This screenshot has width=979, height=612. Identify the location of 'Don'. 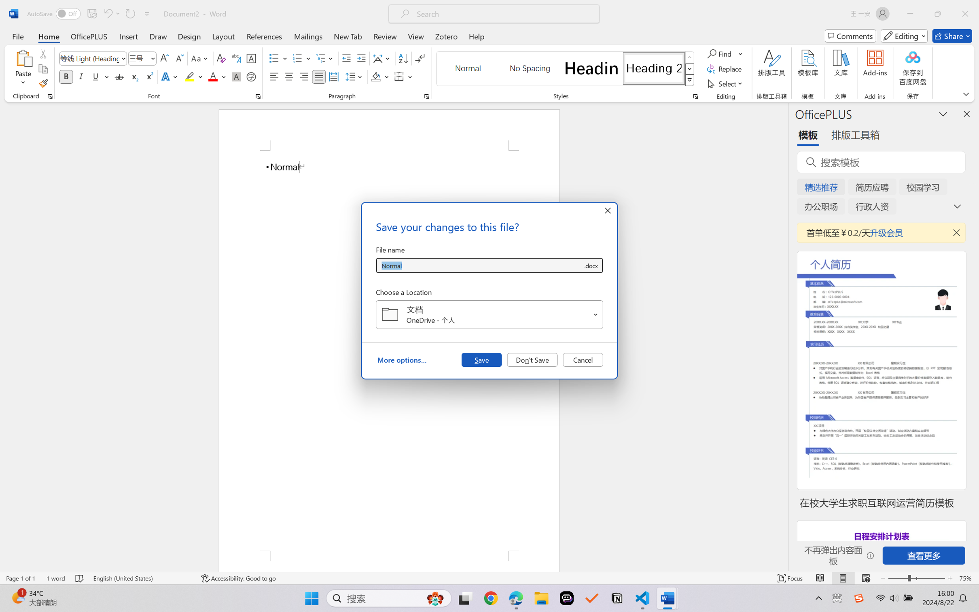
(532, 359).